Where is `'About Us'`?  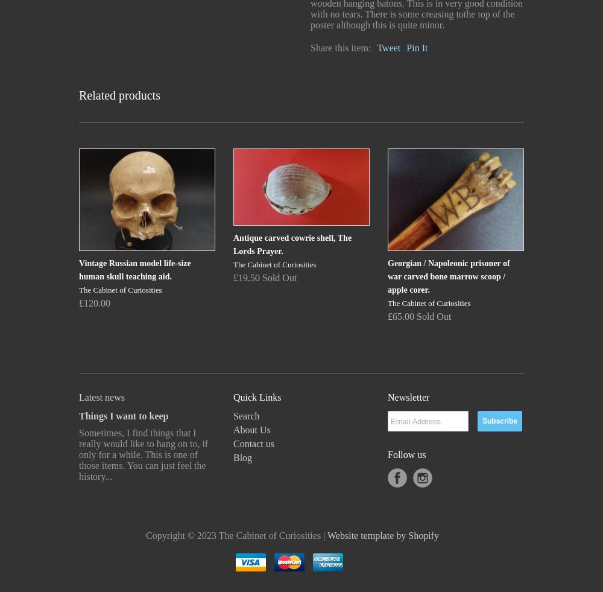 'About Us' is located at coordinates (233, 430).